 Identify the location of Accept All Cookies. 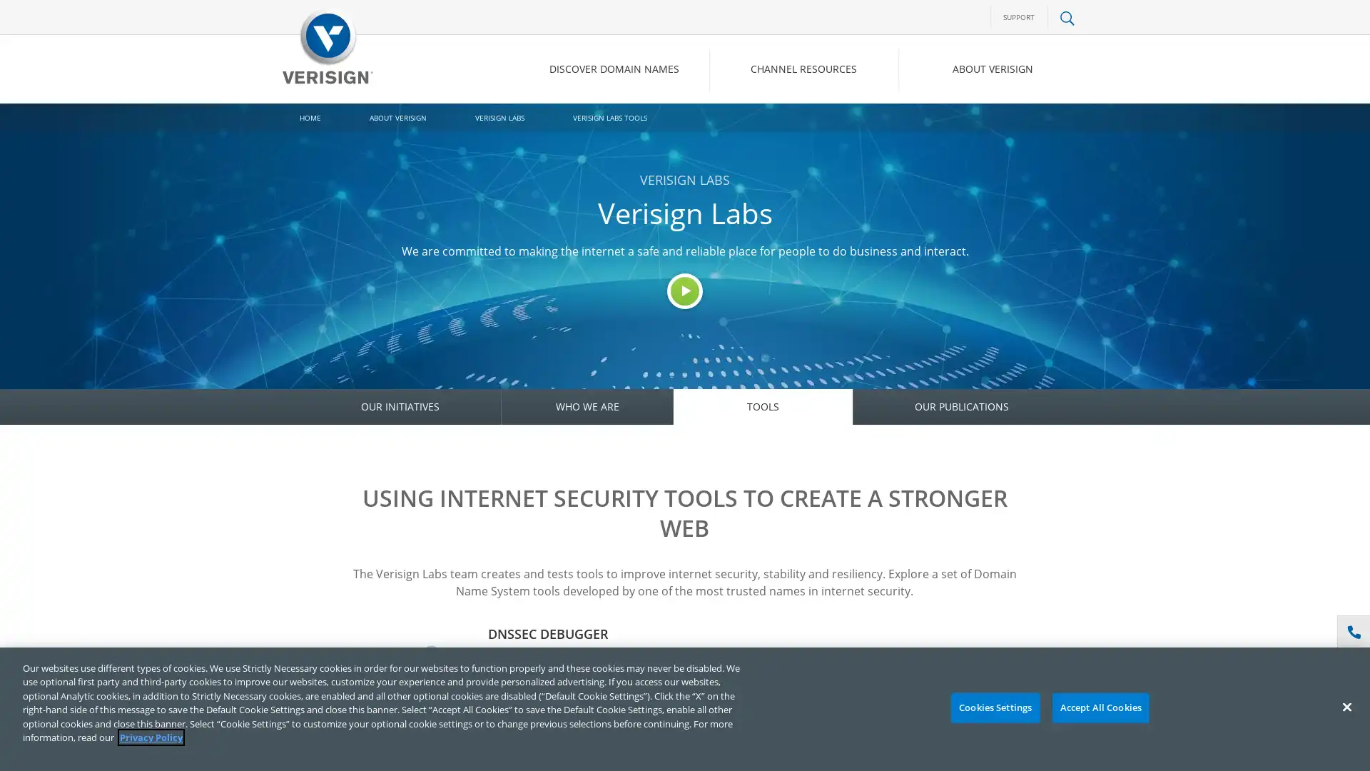
(1100, 707).